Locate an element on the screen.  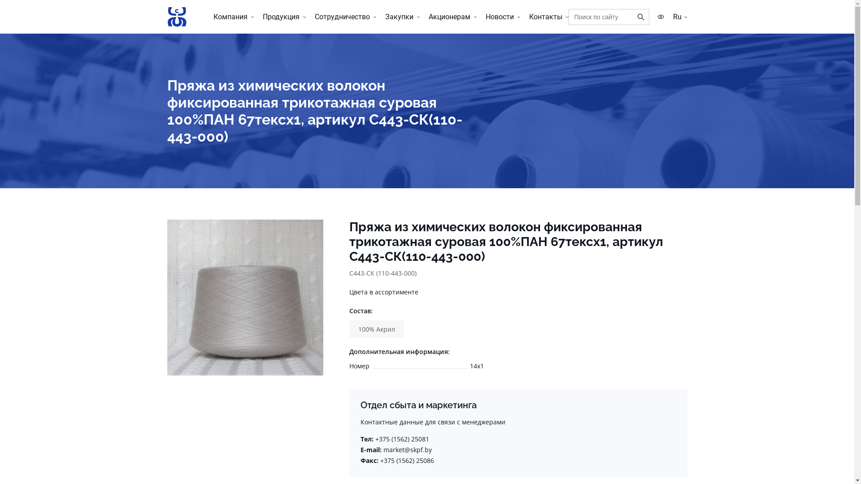
'+375 (1562) 25081' is located at coordinates (374, 438).